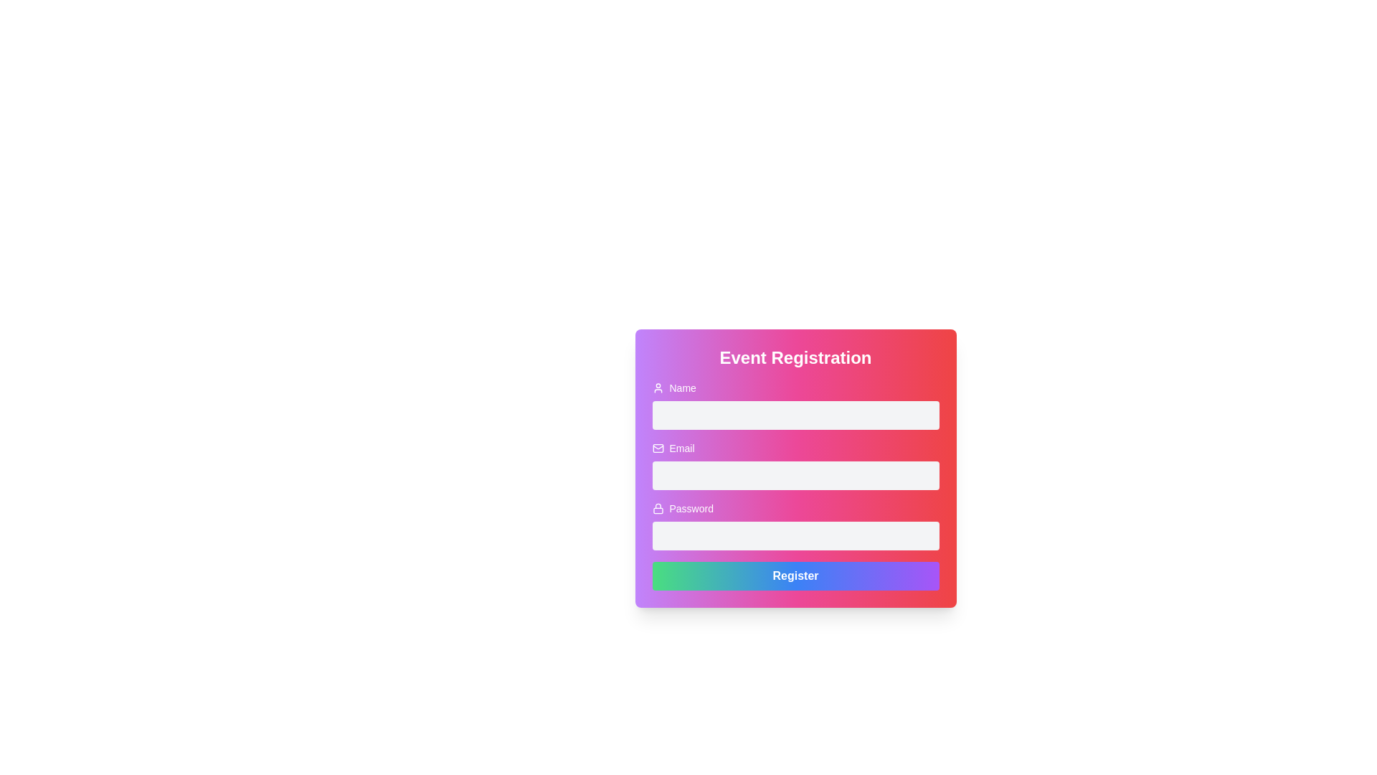 This screenshot has height=775, width=1377. What do you see at coordinates (657, 447) in the screenshot?
I see `the icon that visually indicates the email input field, positioned to the left of the 'Email' label in the Event Registration form` at bounding box center [657, 447].